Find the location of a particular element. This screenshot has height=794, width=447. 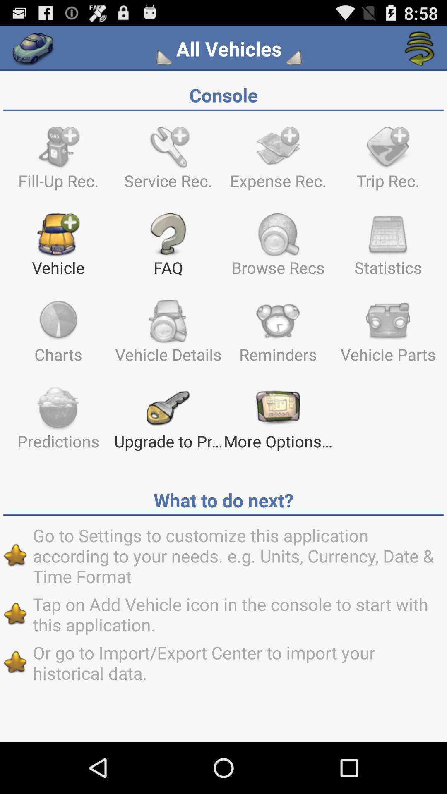

icon above reminders icon is located at coordinates (388, 248).